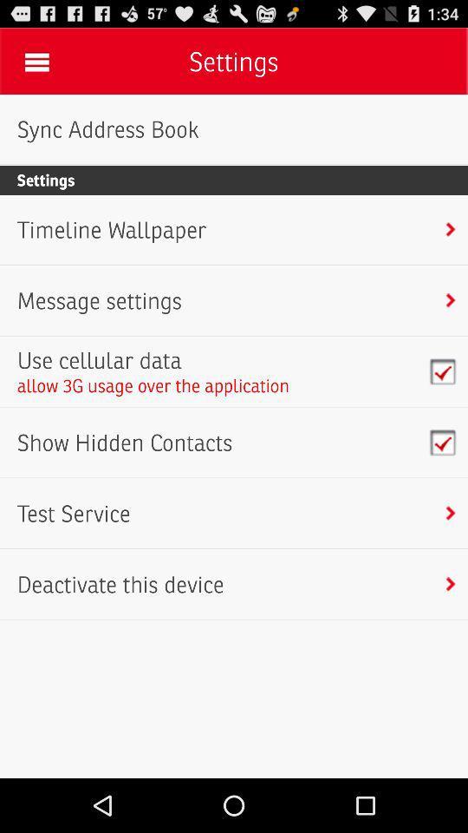  Describe the element at coordinates (153, 359) in the screenshot. I see `the app above the allow 3g usage app` at that location.